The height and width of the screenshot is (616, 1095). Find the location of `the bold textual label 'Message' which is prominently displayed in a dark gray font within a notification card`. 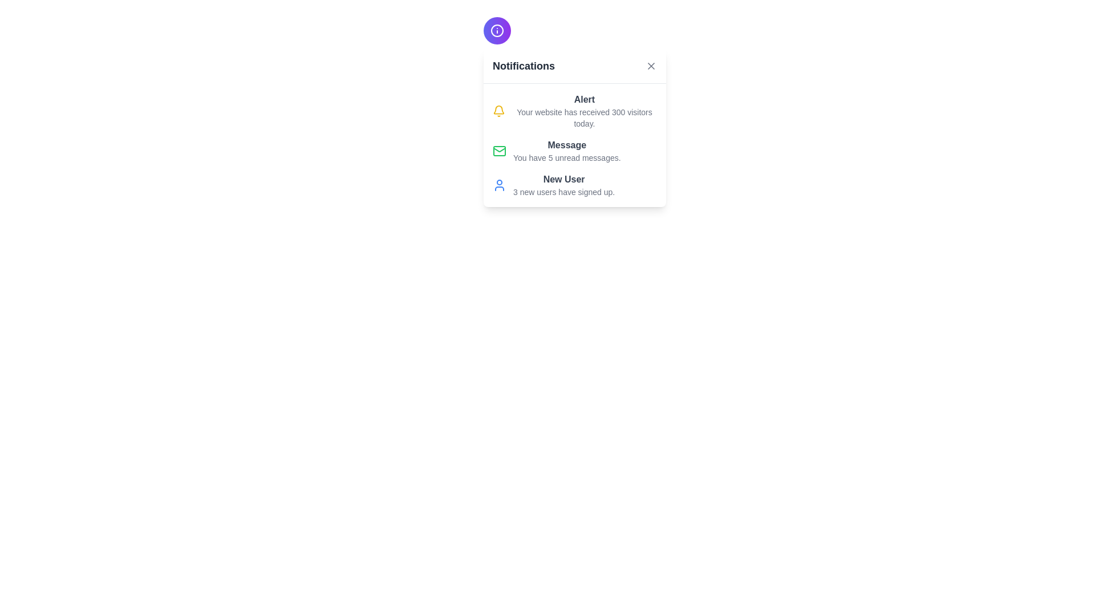

the bold textual label 'Message' which is prominently displayed in a dark gray font within a notification card is located at coordinates (567, 144).